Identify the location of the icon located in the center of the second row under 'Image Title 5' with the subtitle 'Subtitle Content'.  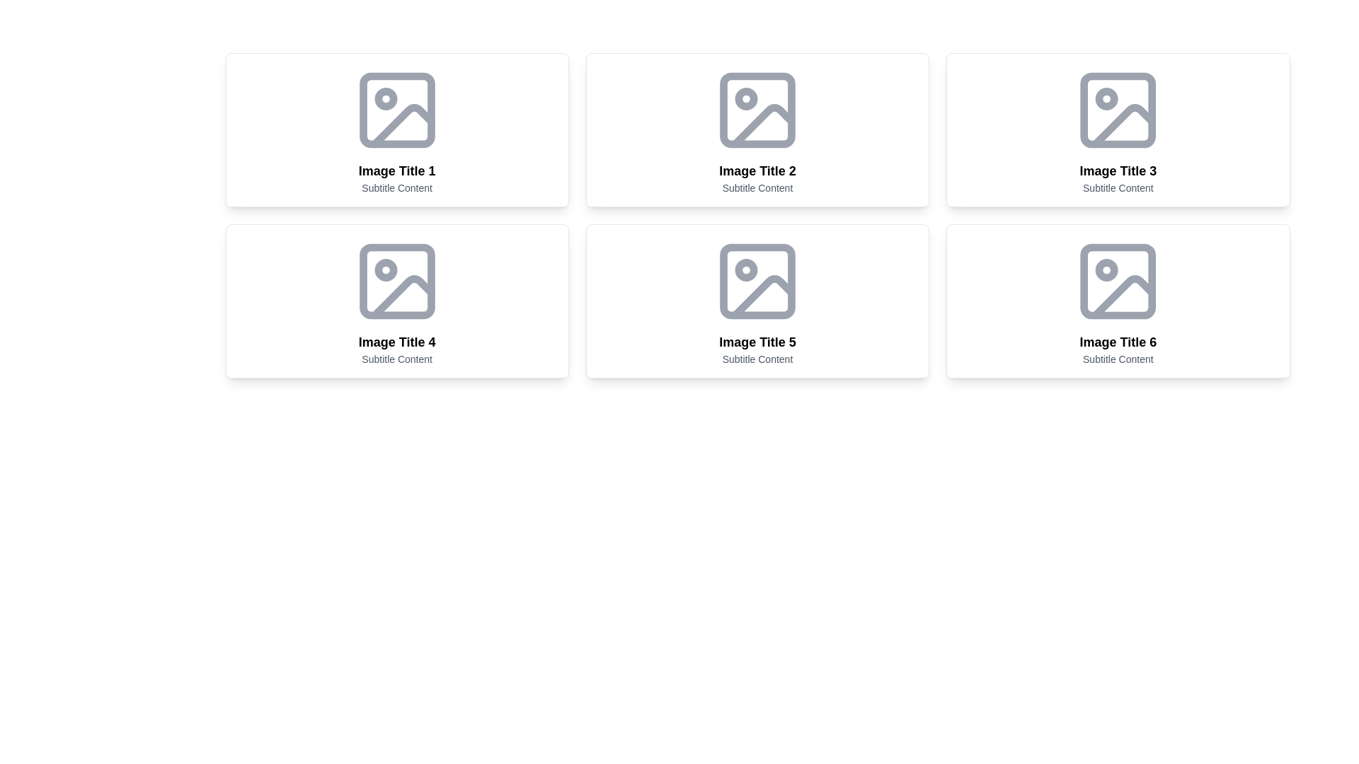
(757, 281).